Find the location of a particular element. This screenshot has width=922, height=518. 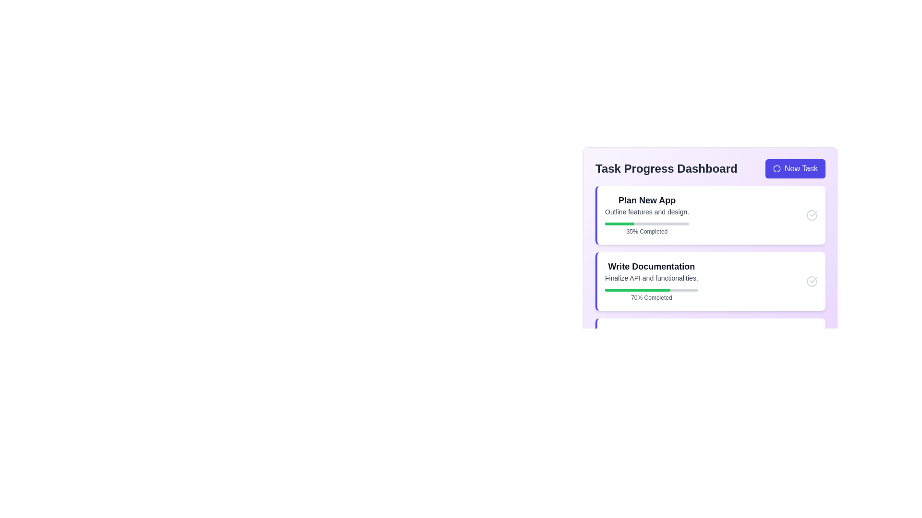

the label displaying '70% Completed' beneath the progress bar in the 'Write Documentation' task card on the 'Task Progress Dashboard' is located at coordinates (651, 297).